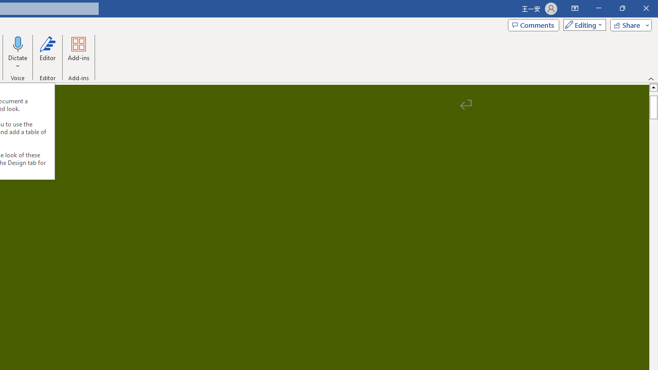  What do you see at coordinates (18, 62) in the screenshot?
I see `'More Options'` at bounding box center [18, 62].